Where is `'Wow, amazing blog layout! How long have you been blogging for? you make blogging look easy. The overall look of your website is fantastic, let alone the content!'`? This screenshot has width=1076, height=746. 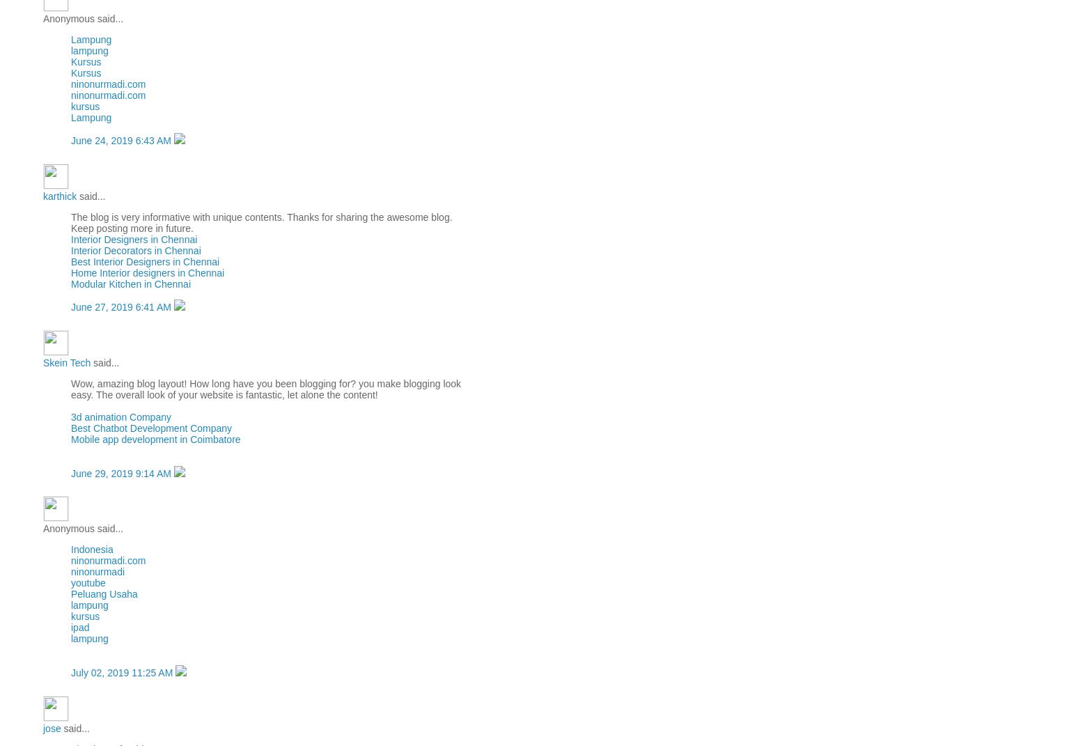
'Wow, amazing blog layout! How long have you been blogging for? you make blogging look easy. The overall look of your website is fantastic, let alone the content!' is located at coordinates (265, 388).